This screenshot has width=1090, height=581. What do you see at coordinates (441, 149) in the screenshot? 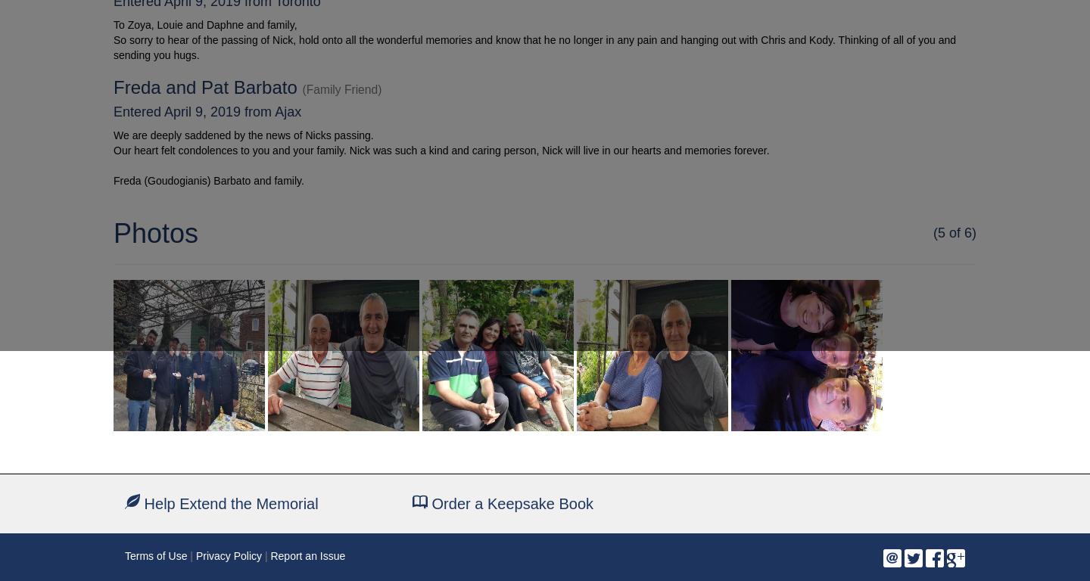
I see `'Our heart felt condolences to you and your family. Nick was such a kind and caring person, Nick will live in our hearts and memories forever.'` at bounding box center [441, 149].